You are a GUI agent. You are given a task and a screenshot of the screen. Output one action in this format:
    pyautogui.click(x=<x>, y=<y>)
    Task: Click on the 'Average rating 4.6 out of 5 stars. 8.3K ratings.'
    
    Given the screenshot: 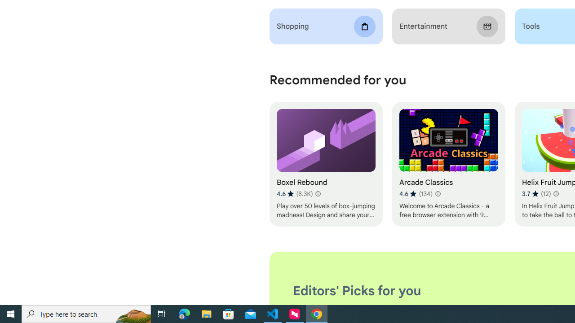 What is the action you would take?
    pyautogui.click(x=295, y=193)
    